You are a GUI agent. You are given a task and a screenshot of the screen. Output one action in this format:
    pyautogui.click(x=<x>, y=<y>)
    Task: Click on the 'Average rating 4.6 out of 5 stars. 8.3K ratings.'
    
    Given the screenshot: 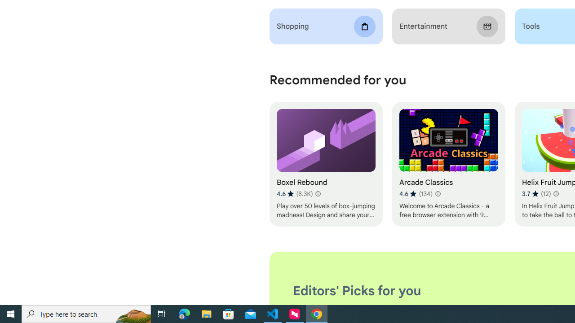 What is the action you would take?
    pyautogui.click(x=295, y=193)
    